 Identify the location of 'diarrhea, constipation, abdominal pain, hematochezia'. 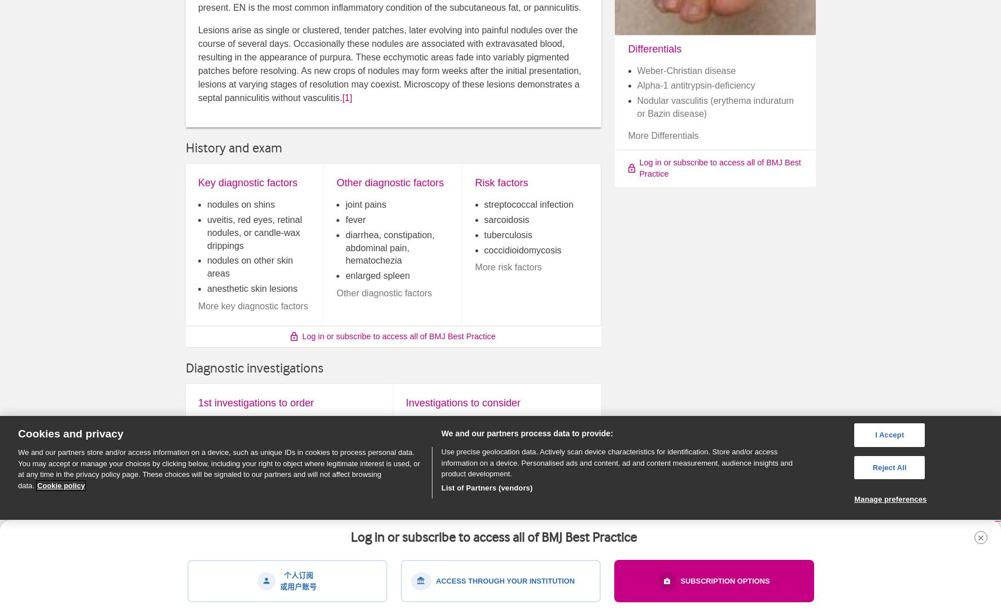
(390, 247).